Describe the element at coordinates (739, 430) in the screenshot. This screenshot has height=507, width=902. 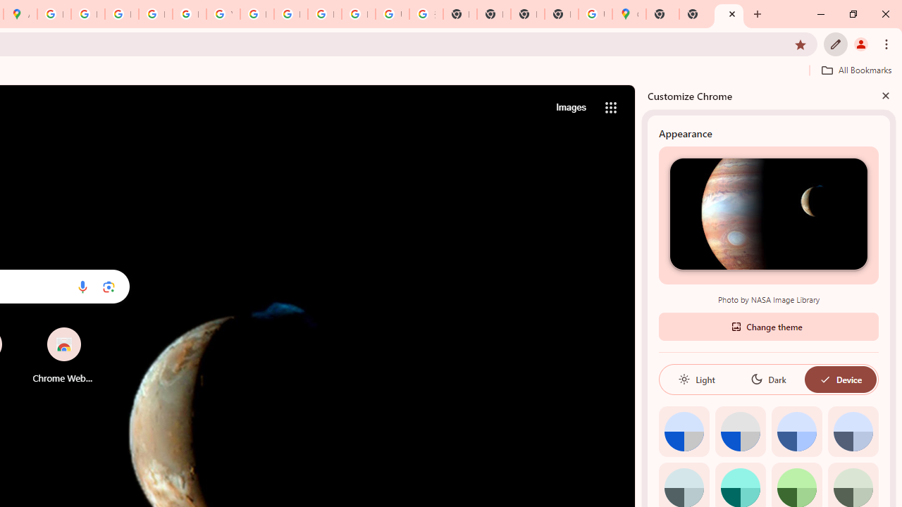
I see `'Grey default color'` at that location.